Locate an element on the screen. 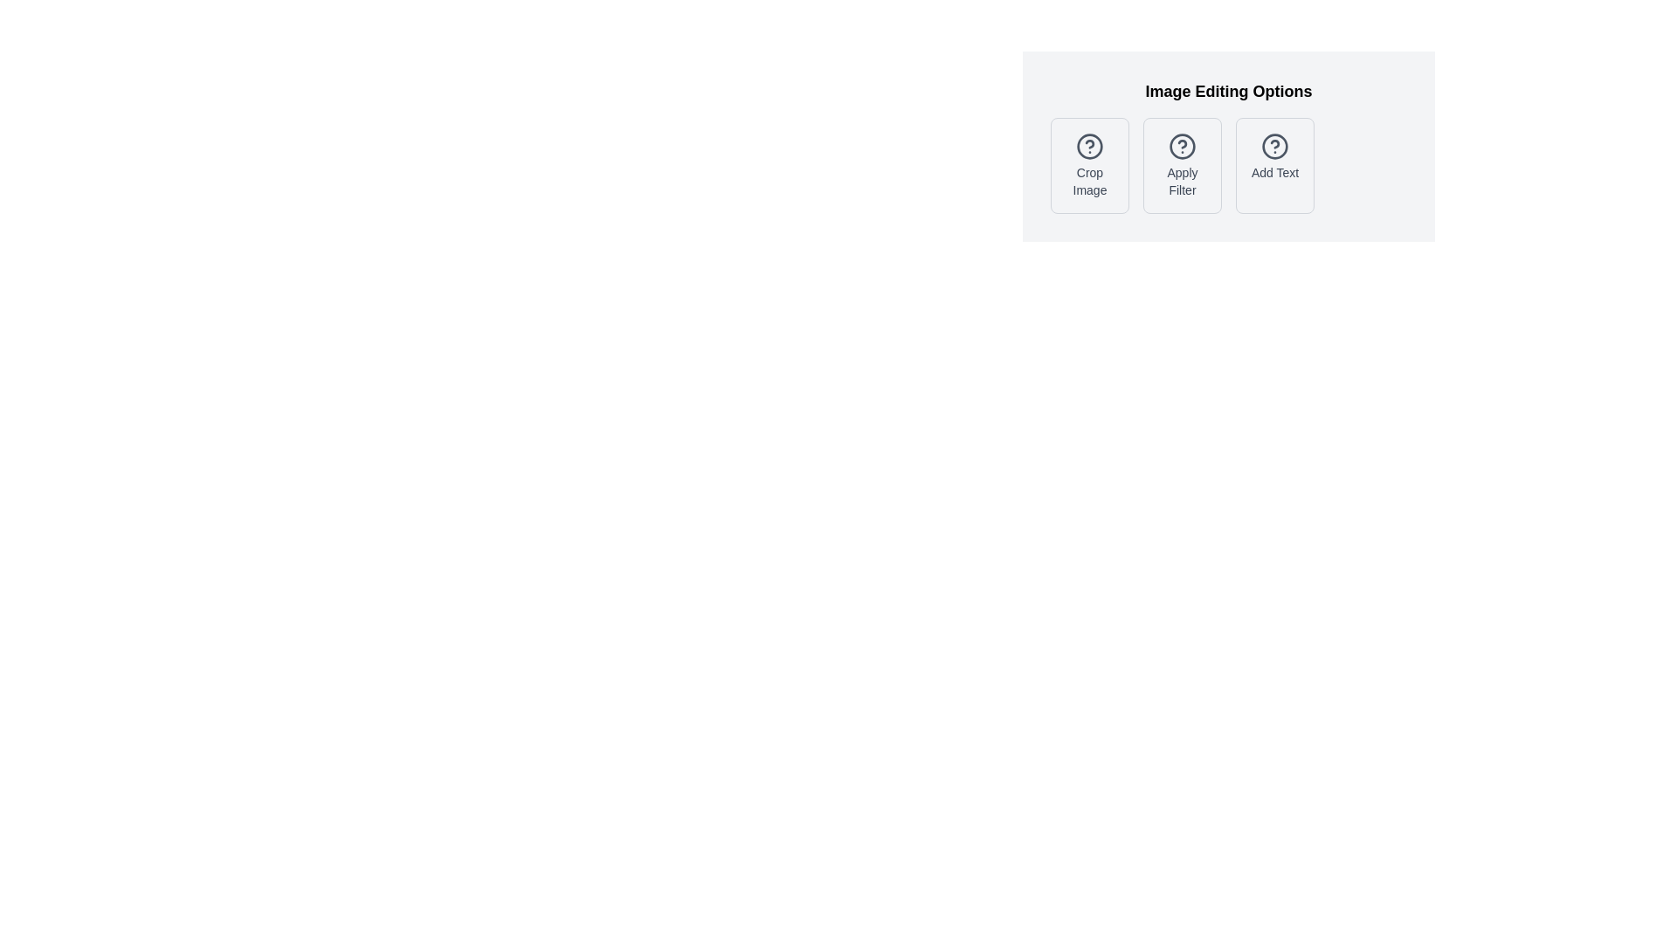 This screenshot has height=943, width=1677. the 'Add Text' button, which is a rectangular button with a light gray border, rounded corners, and a question mark icon above the text 'Add Text'. It is the third button in a row within a grid layout is located at coordinates (1274, 165).